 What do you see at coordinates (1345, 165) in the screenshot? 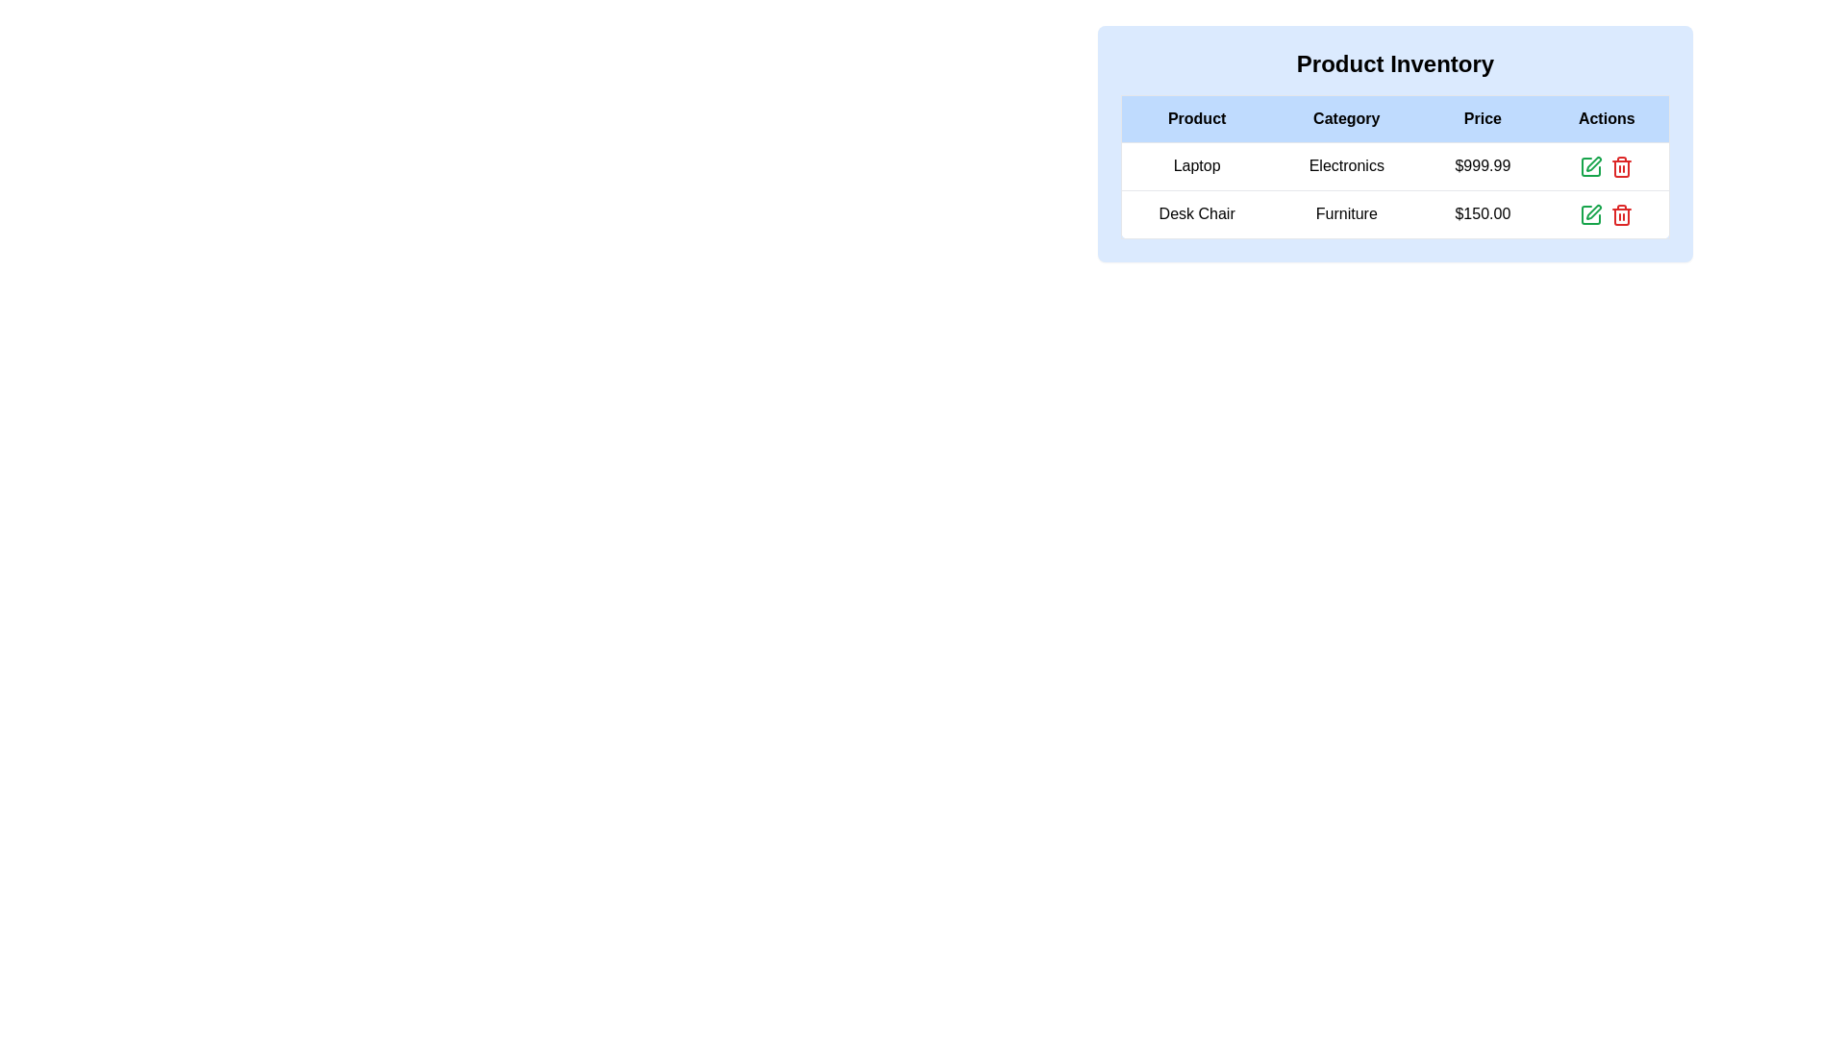
I see `the 'Category' text label for the 'Laptop' product in the 'Product Inventory' table, which is located between the 'Laptop' label and the price '$999.99'` at bounding box center [1345, 165].